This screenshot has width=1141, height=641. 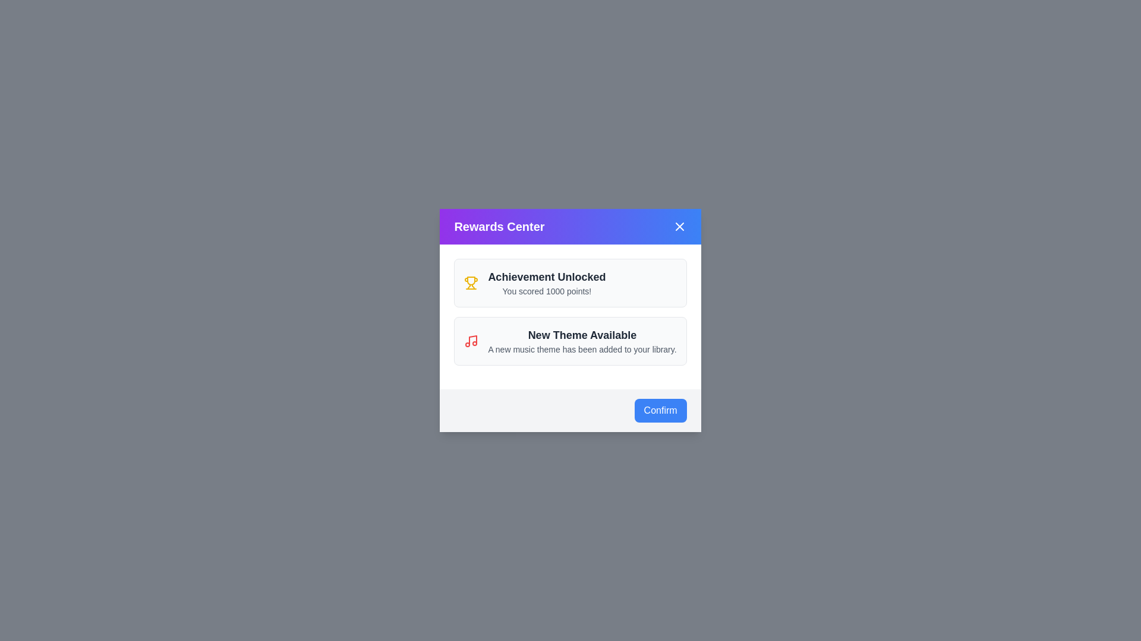 What do you see at coordinates (471, 341) in the screenshot?
I see `the icon associated with the reward item New Theme Available` at bounding box center [471, 341].